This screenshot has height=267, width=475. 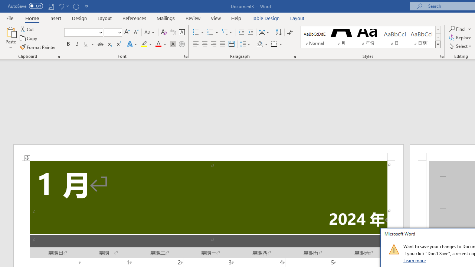 What do you see at coordinates (297, 18) in the screenshot?
I see `'Layout'` at bounding box center [297, 18].